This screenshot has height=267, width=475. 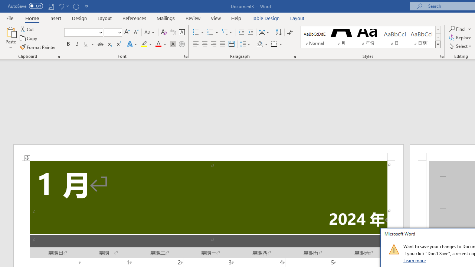 What do you see at coordinates (297, 18) in the screenshot?
I see `'Layout'` at bounding box center [297, 18].